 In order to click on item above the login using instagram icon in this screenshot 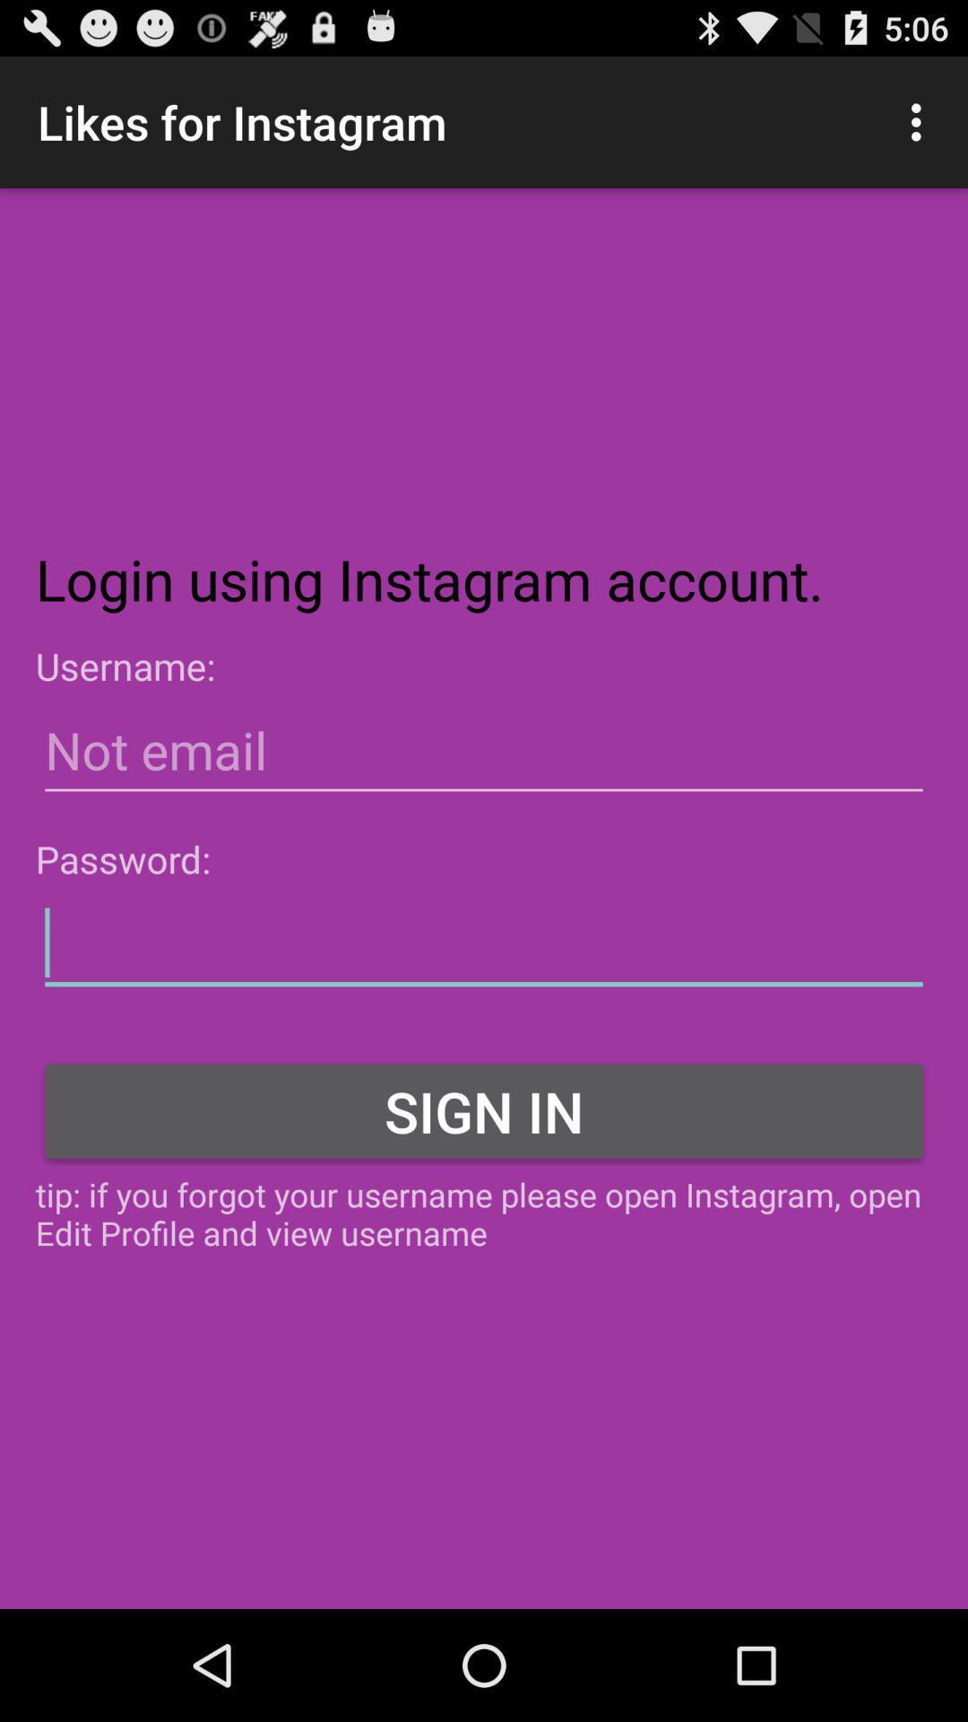, I will do `click(920, 121)`.